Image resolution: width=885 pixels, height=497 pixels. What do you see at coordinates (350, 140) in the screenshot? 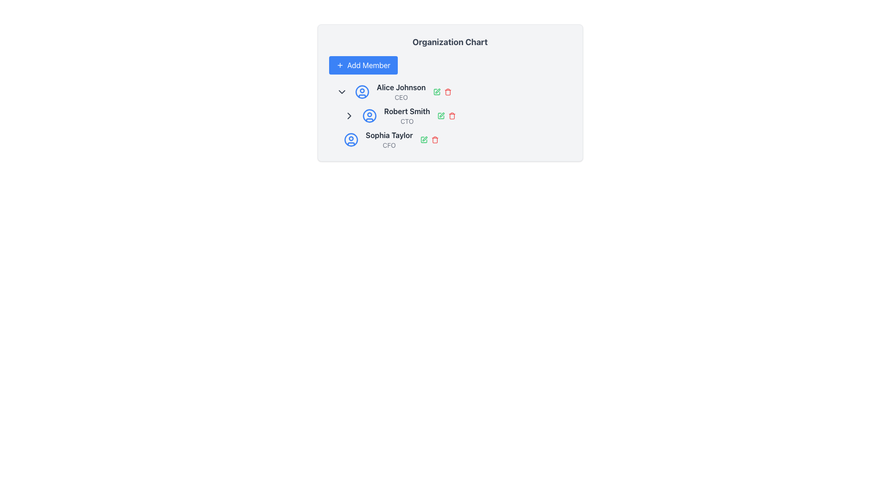
I see `the circular profile outline of 'Sophia Taylor' in the organizational chart` at bounding box center [350, 140].